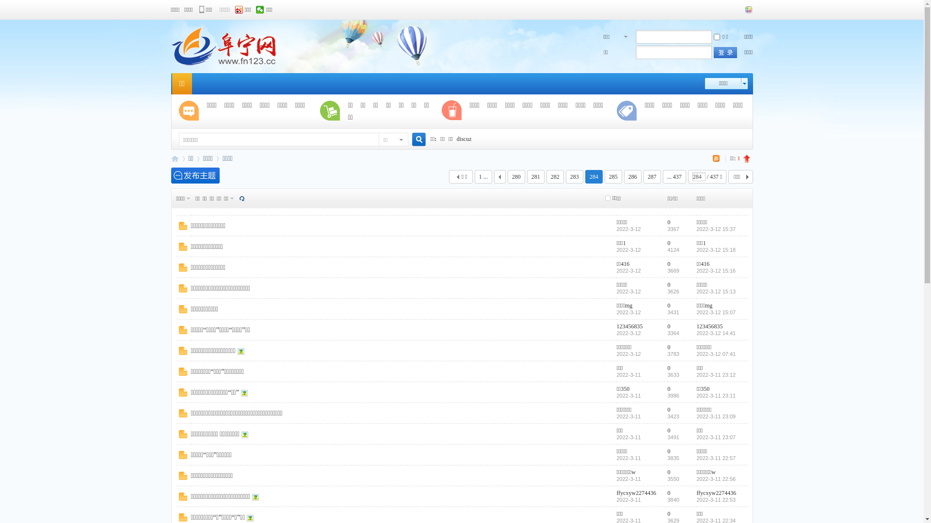 The height and width of the screenshot is (523, 931). Describe the element at coordinates (667, 472) in the screenshot. I see `'0'` at that location.